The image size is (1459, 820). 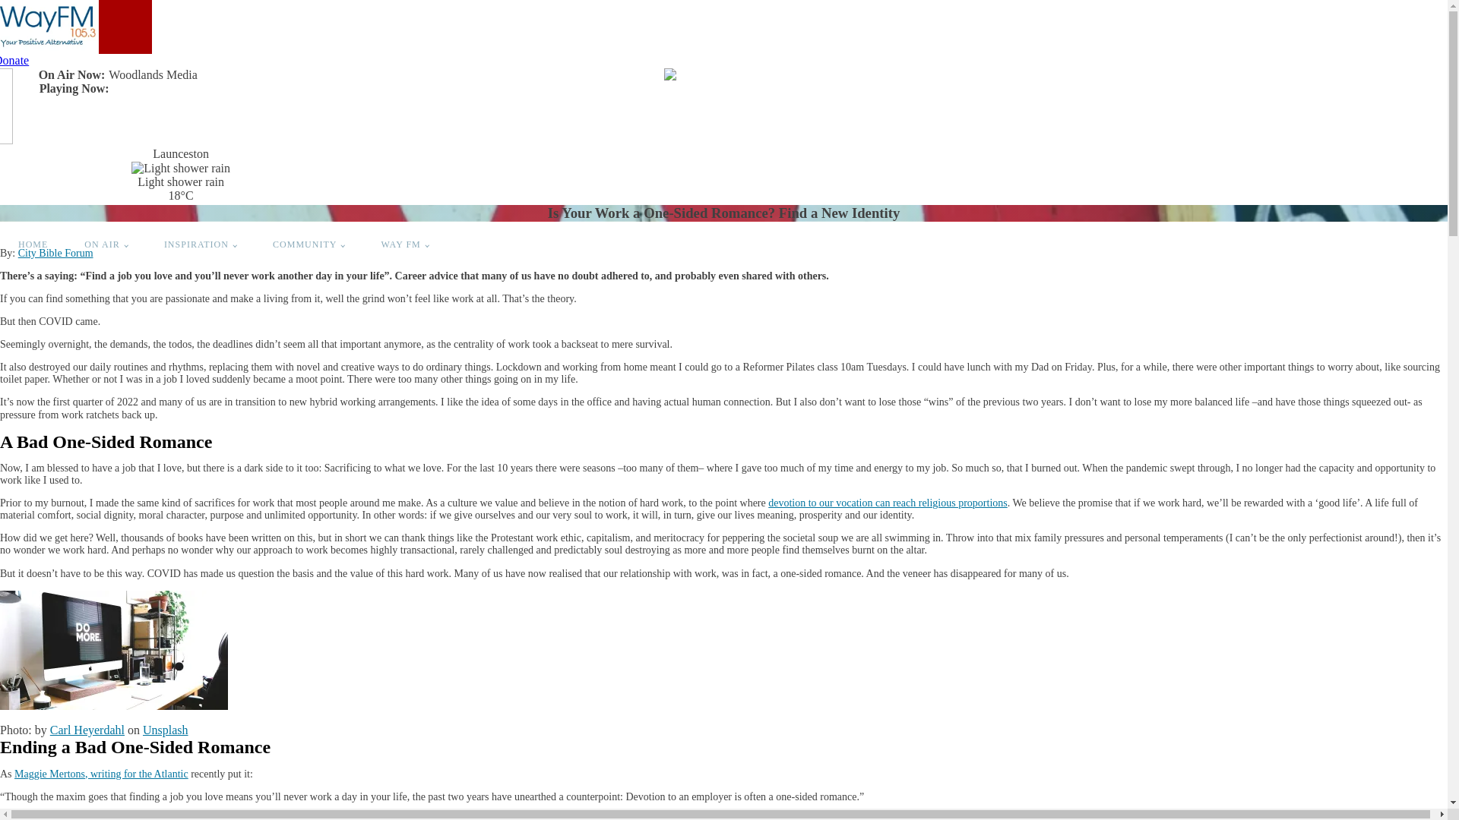 I want to click on 'City Bible Forum', so click(x=18, y=252).